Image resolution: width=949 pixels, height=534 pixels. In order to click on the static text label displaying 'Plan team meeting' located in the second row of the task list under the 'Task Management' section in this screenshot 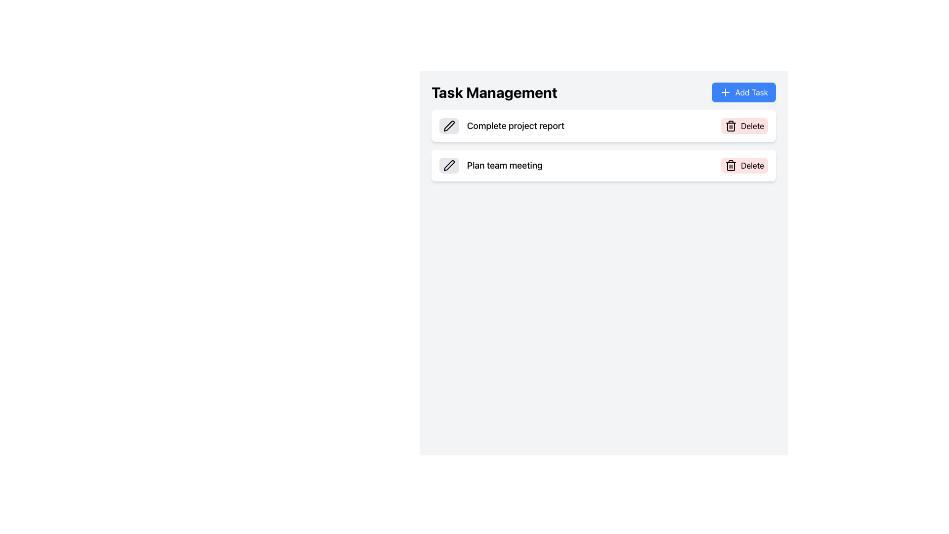, I will do `click(505, 165)`.